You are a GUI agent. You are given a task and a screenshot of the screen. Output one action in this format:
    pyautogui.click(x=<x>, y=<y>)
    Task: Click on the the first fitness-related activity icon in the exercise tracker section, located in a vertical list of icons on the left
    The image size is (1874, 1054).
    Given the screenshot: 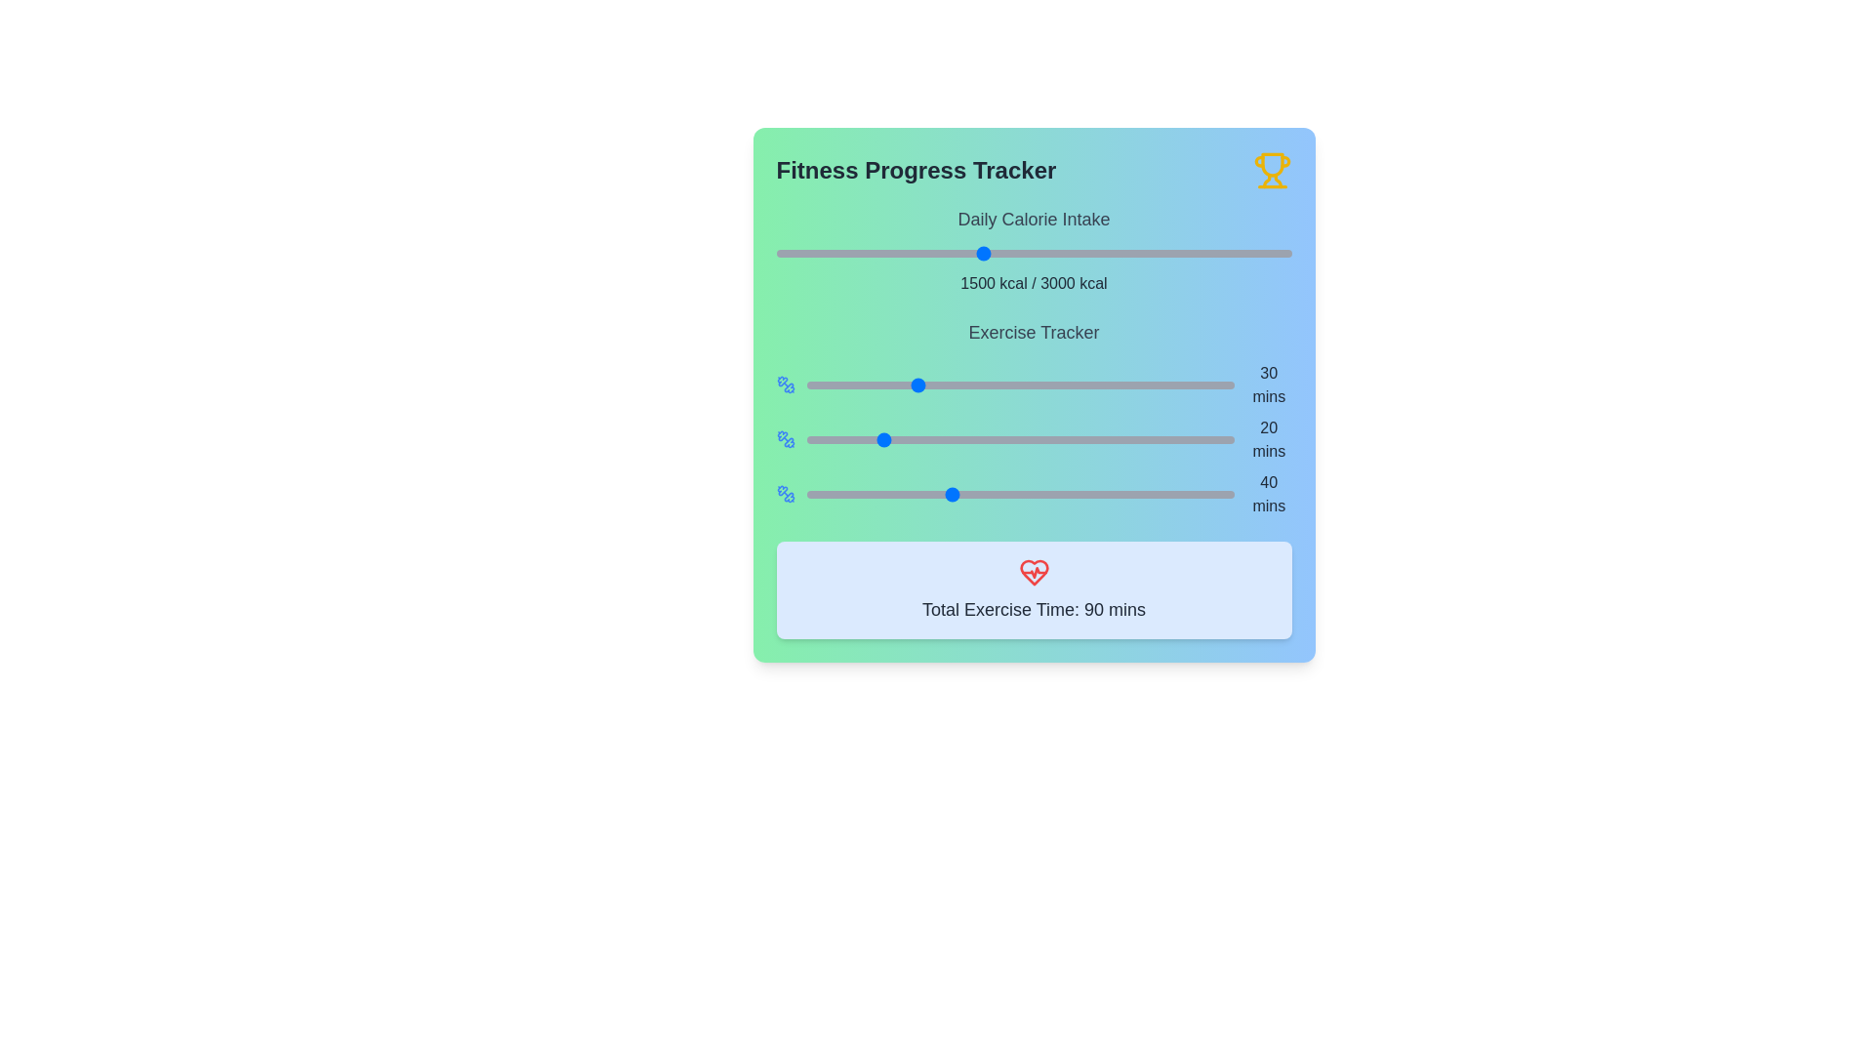 What is the action you would take?
    pyautogui.click(x=782, y=382)
    